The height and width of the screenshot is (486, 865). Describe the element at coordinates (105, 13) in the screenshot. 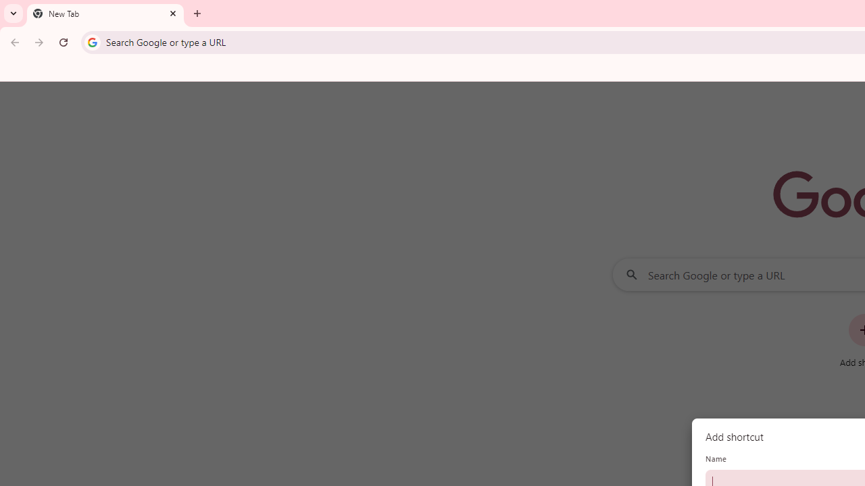

I see `'New Tab'` at that location.